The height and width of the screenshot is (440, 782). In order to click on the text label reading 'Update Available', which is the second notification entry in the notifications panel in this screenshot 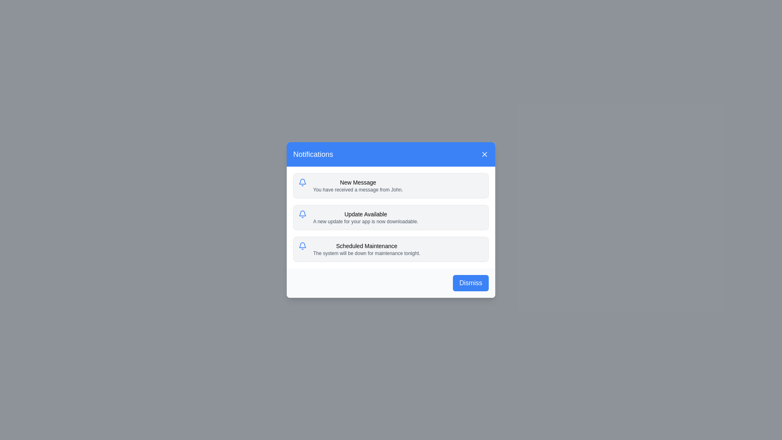, I will do `click(365, 213)`.